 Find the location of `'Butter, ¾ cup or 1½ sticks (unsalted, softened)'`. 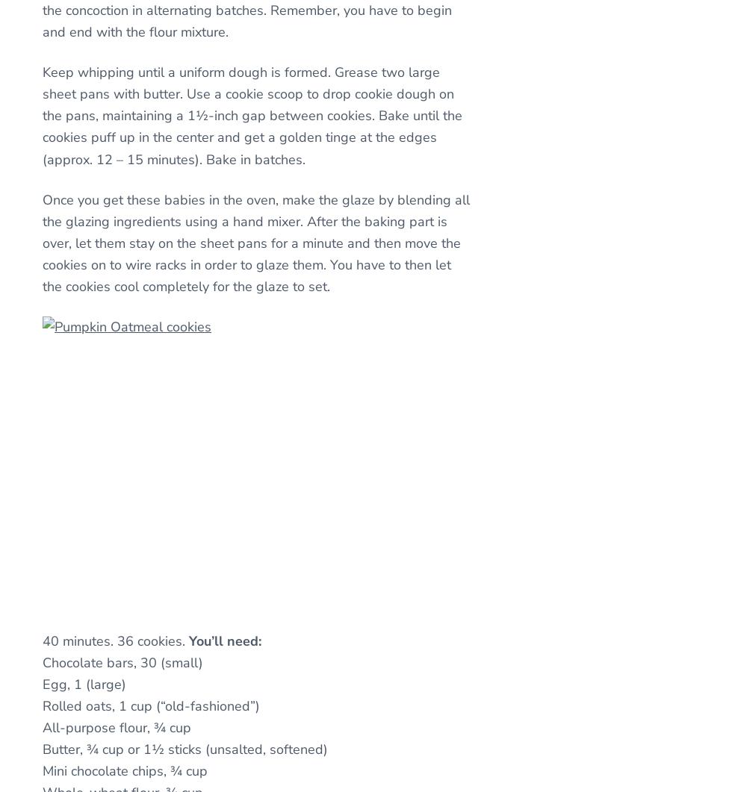

'Butter, ¾ cup or 1½ sticks (unsalted, softened)' is located at coordinates (184, 749).